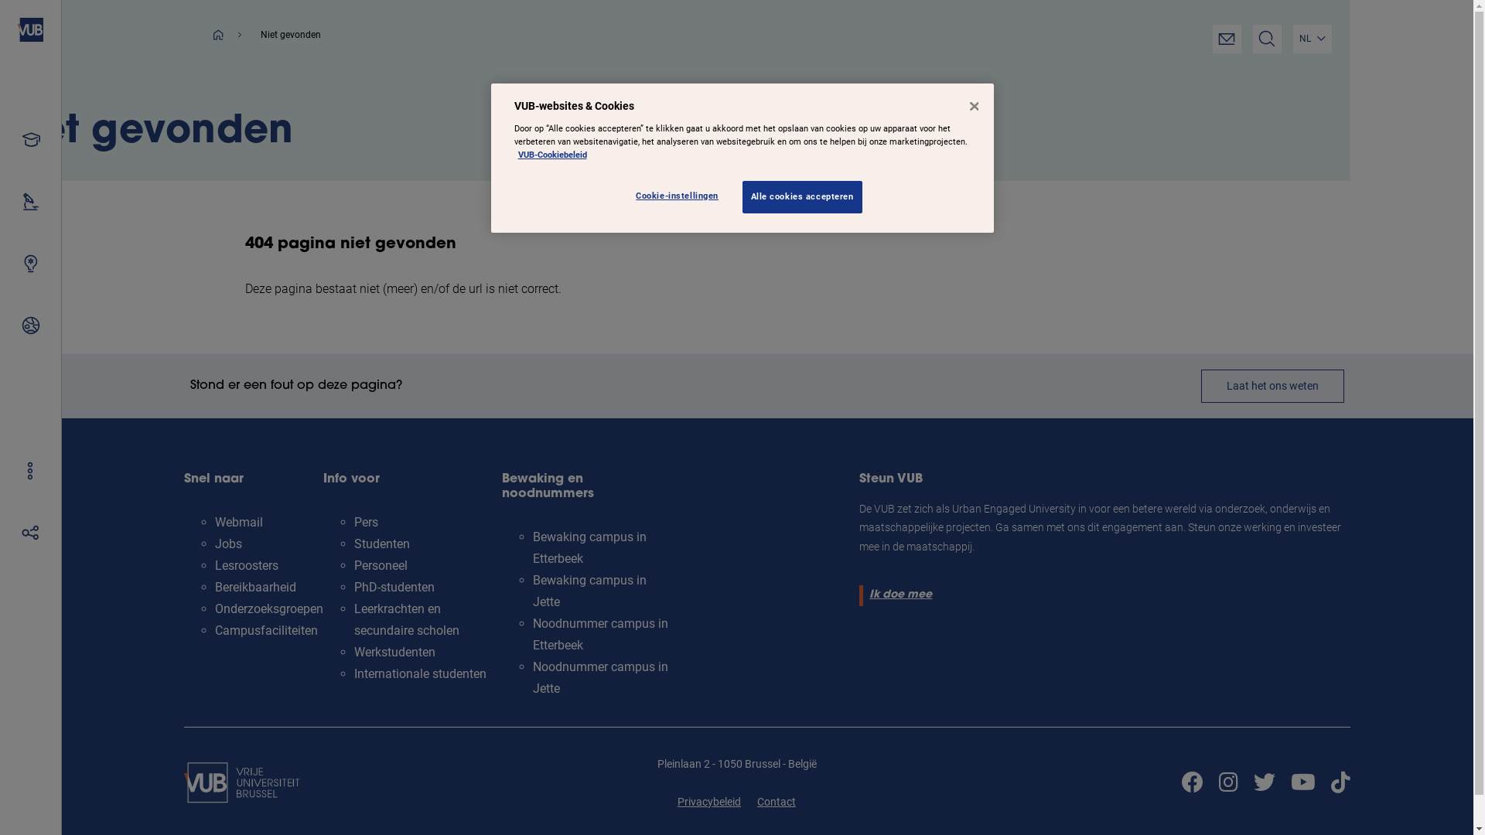  What do you see at coordinates (1272, 385) in the screenshot?
I see `'Laat het ons weten'` at bounding box center [1272, 385].